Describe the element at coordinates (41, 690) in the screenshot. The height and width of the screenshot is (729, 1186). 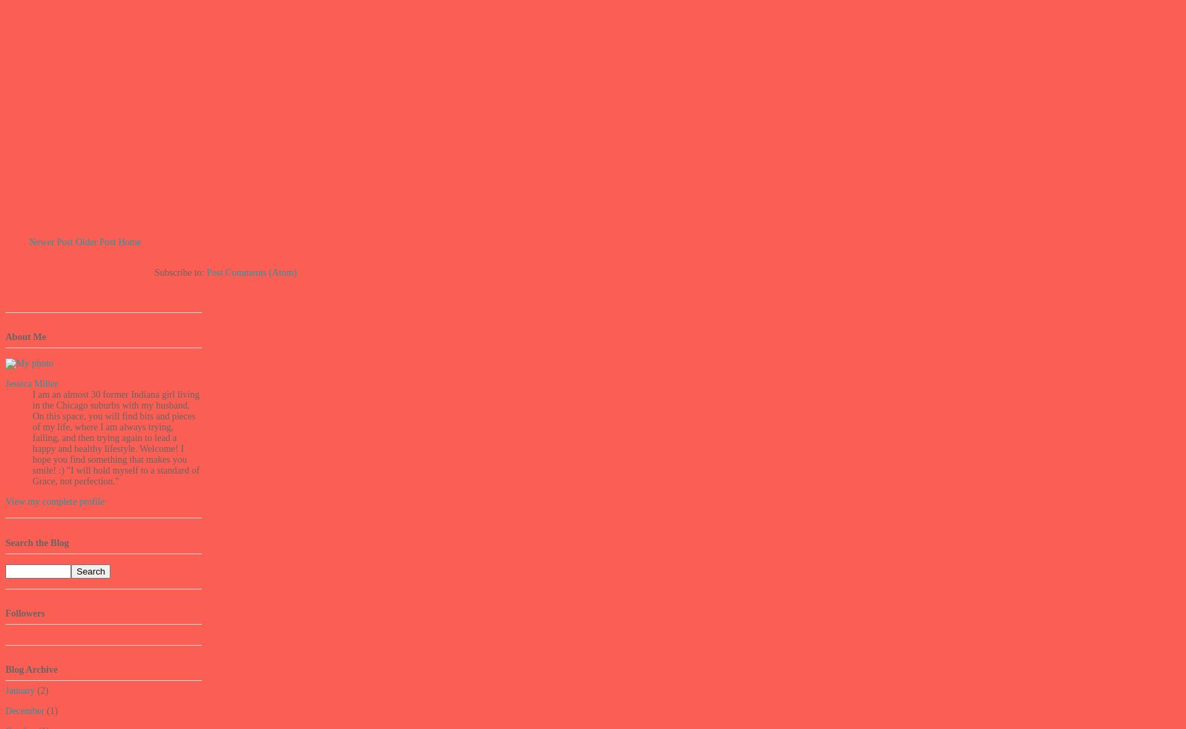
I see `'(2)'` at that location.